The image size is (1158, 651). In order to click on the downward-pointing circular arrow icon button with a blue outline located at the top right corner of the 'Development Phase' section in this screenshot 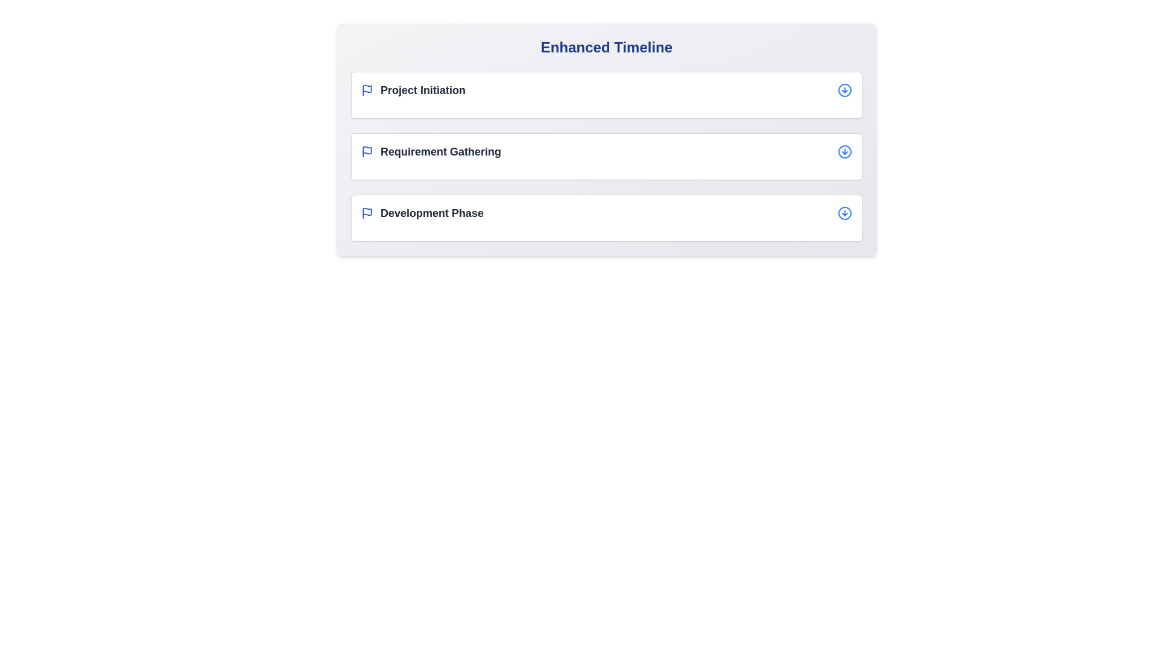, I will do `click(844, 213)`.